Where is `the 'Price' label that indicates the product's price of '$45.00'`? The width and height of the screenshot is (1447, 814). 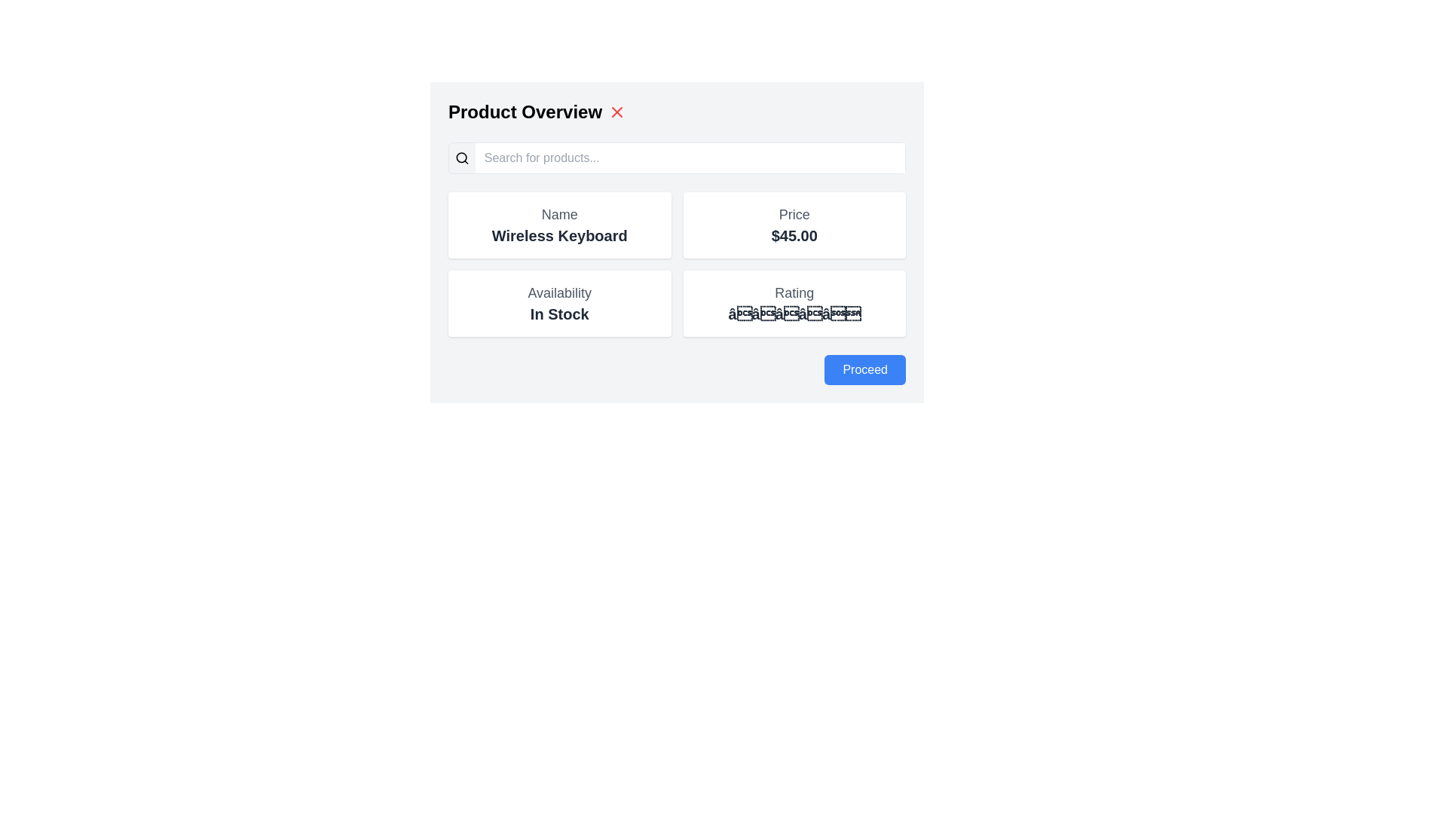
the 'Price' label that indicates the product's price of '$45.00' is located at coordinates (794, 215).